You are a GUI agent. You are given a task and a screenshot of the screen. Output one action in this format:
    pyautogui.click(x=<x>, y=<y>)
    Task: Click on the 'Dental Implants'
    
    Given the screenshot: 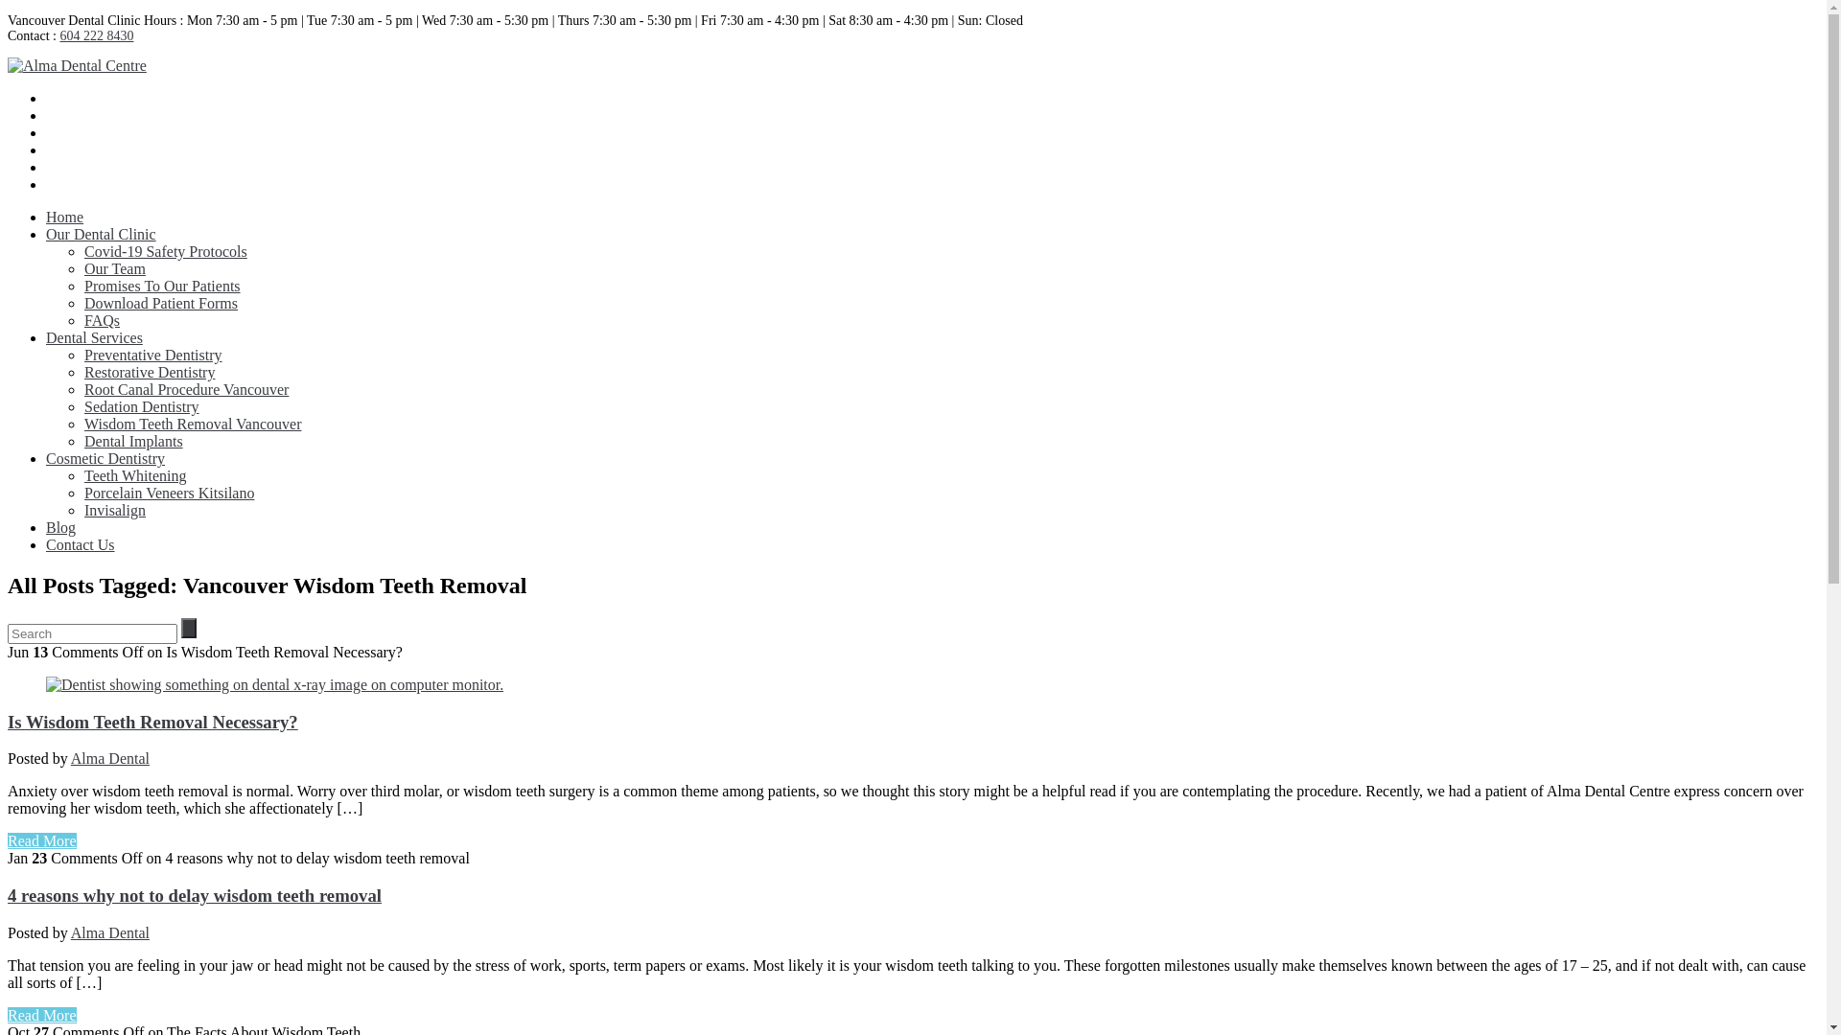 What is the action you would take?
    pyautogui.click(x=82, y=441)
    